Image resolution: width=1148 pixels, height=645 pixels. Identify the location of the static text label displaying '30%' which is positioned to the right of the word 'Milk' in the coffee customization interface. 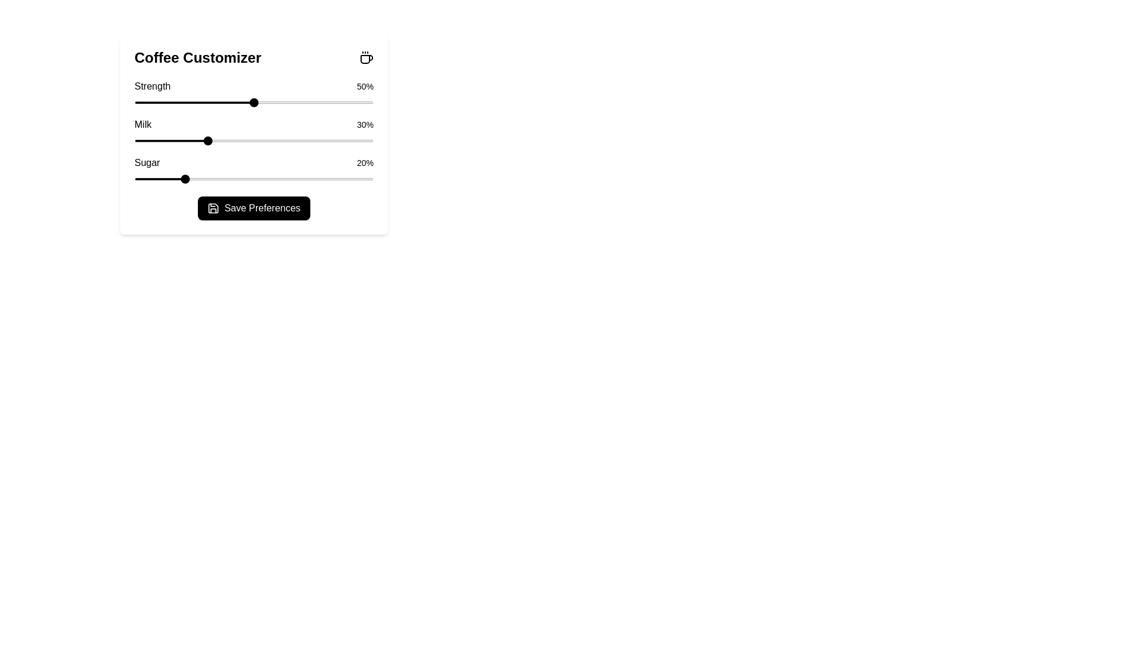
(364, 124).